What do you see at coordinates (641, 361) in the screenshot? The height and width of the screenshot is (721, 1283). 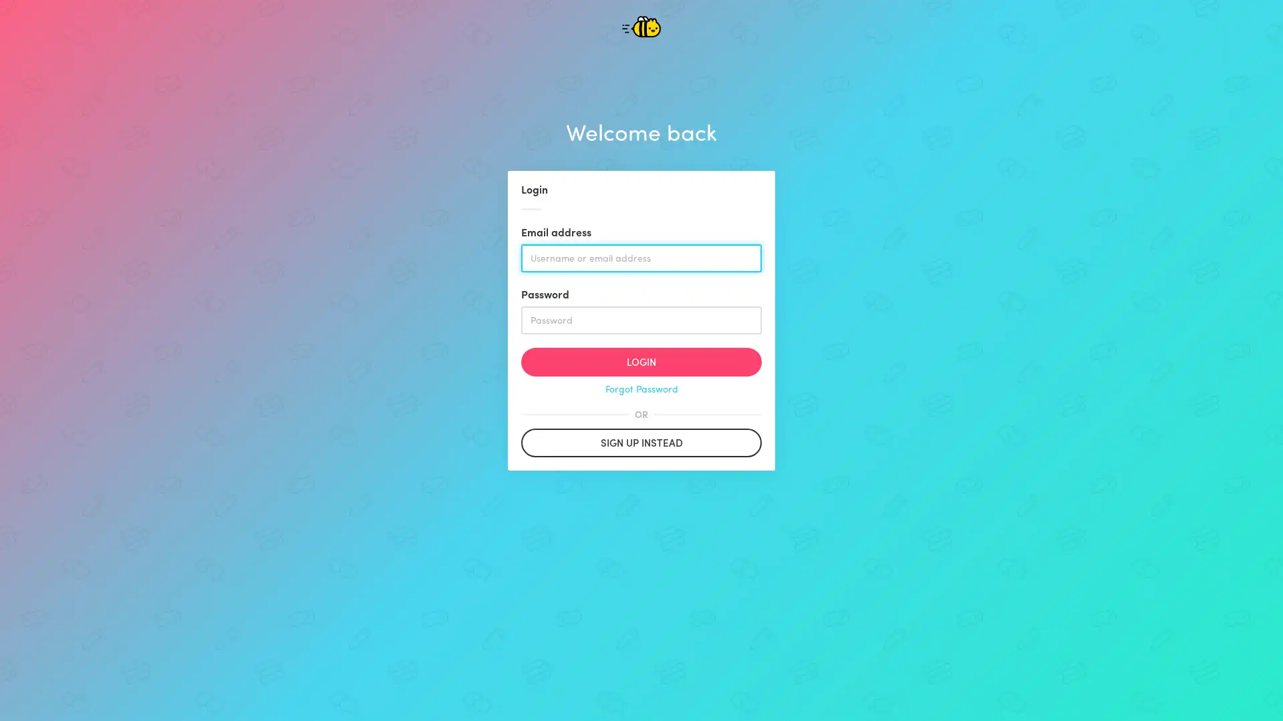 I see `Login` at bounding box center [641, 361].